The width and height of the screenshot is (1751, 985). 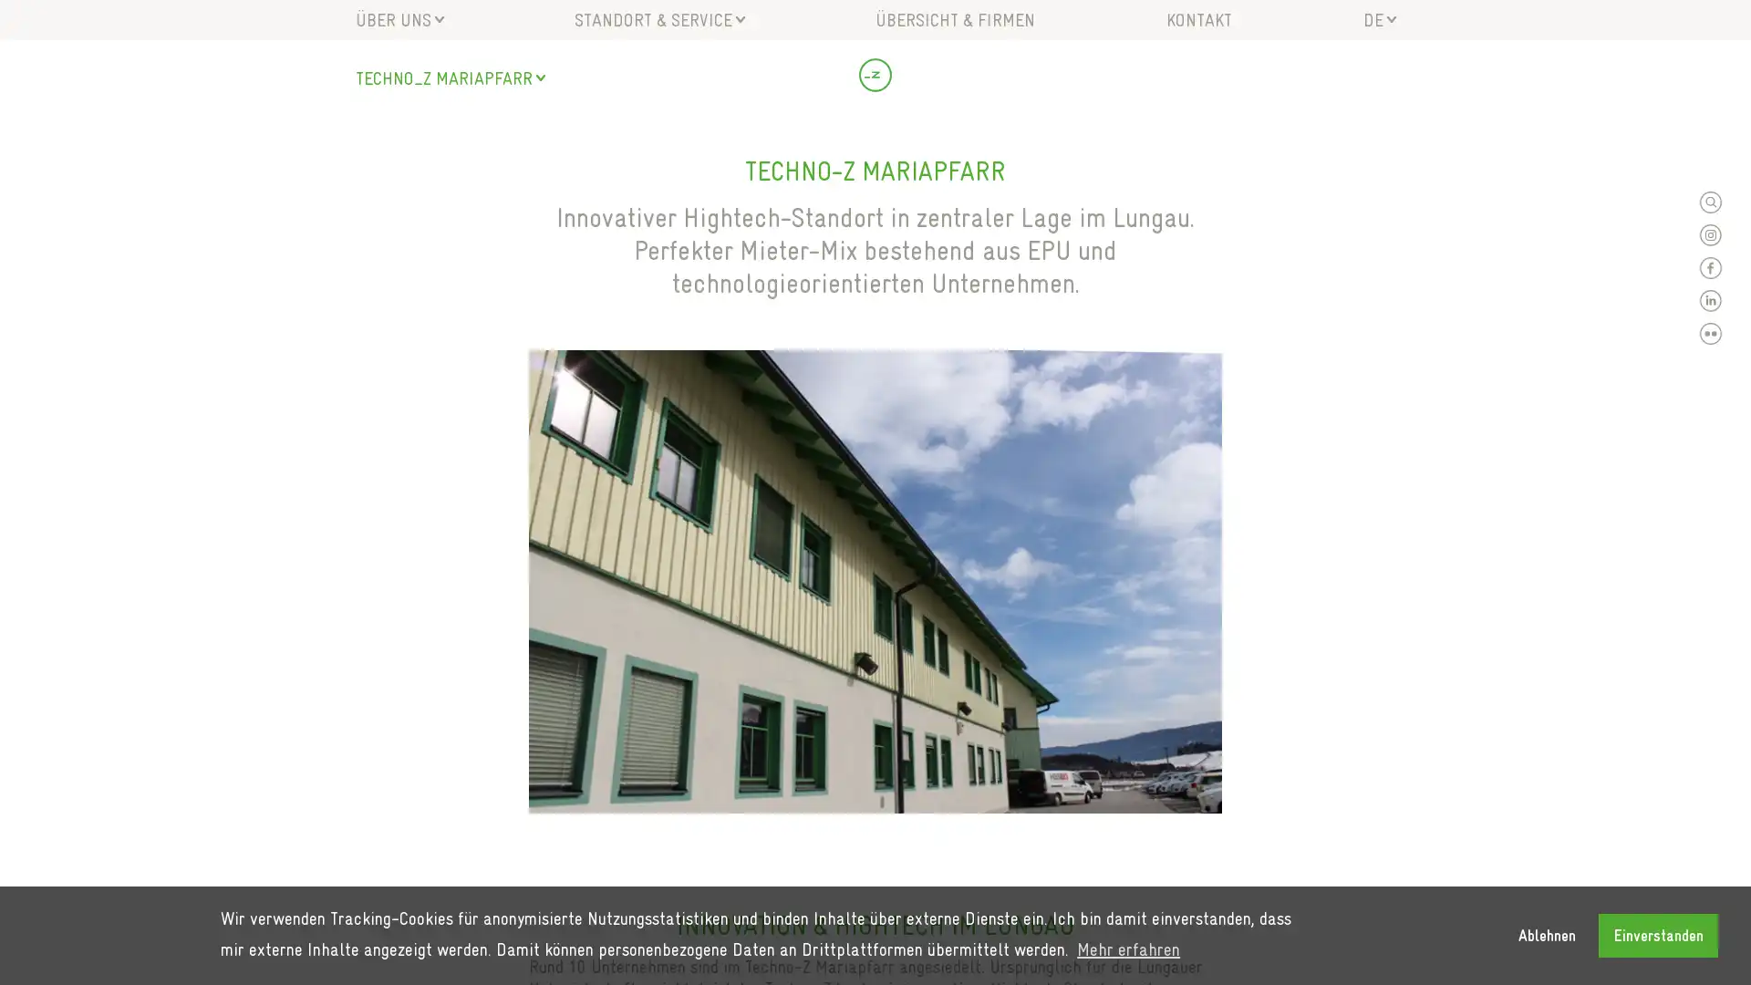 I want to click on learn more about cookies, so click(x=1127, y=949).